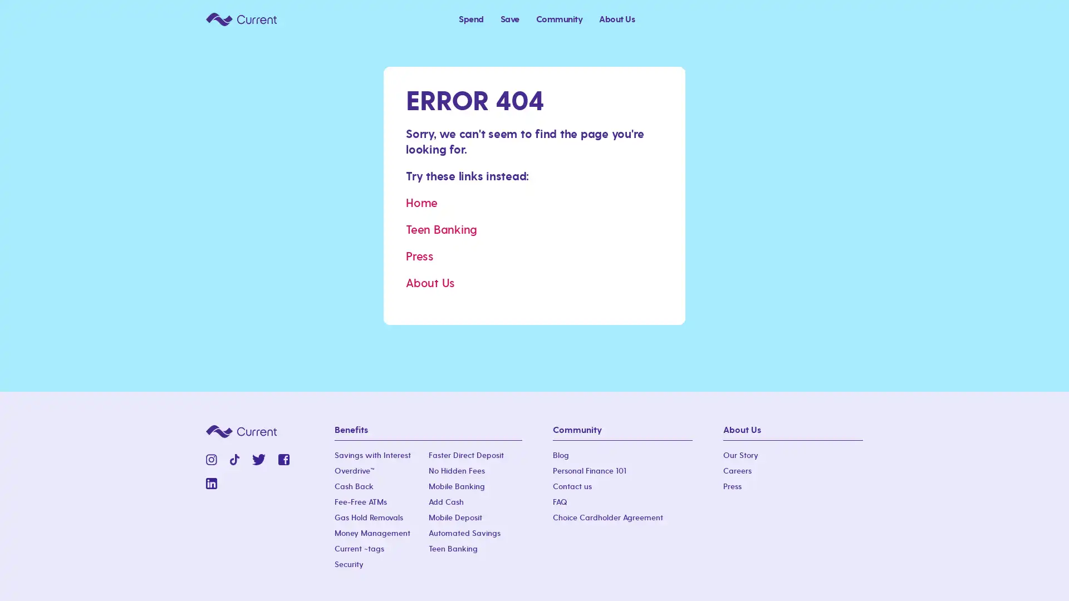 The image size is (1069, 601). What do you see at coordinates (361, 502) in the screenshot?
I see `Fee-Free ATMs` at bounding box center [361, 502].